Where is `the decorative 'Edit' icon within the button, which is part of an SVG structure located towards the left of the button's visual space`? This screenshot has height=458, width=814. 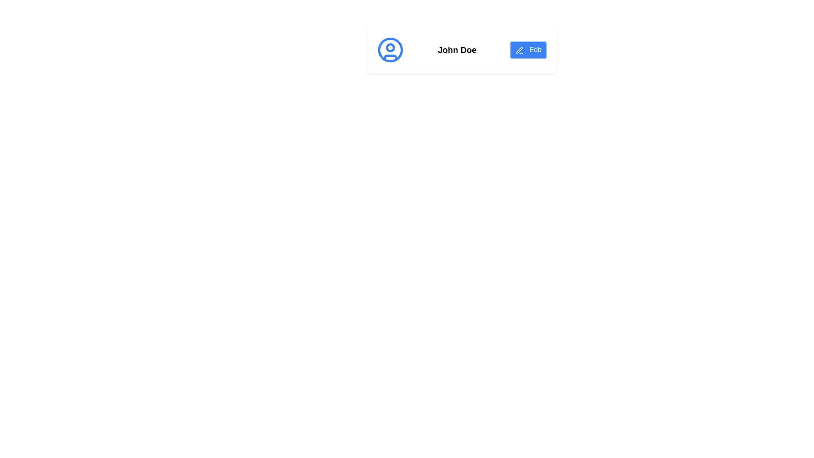
the decorative 'Edit' icon within the button, which is part of an SVG structure located towards the left of the button's visual space is located at coordinates (519, 50).